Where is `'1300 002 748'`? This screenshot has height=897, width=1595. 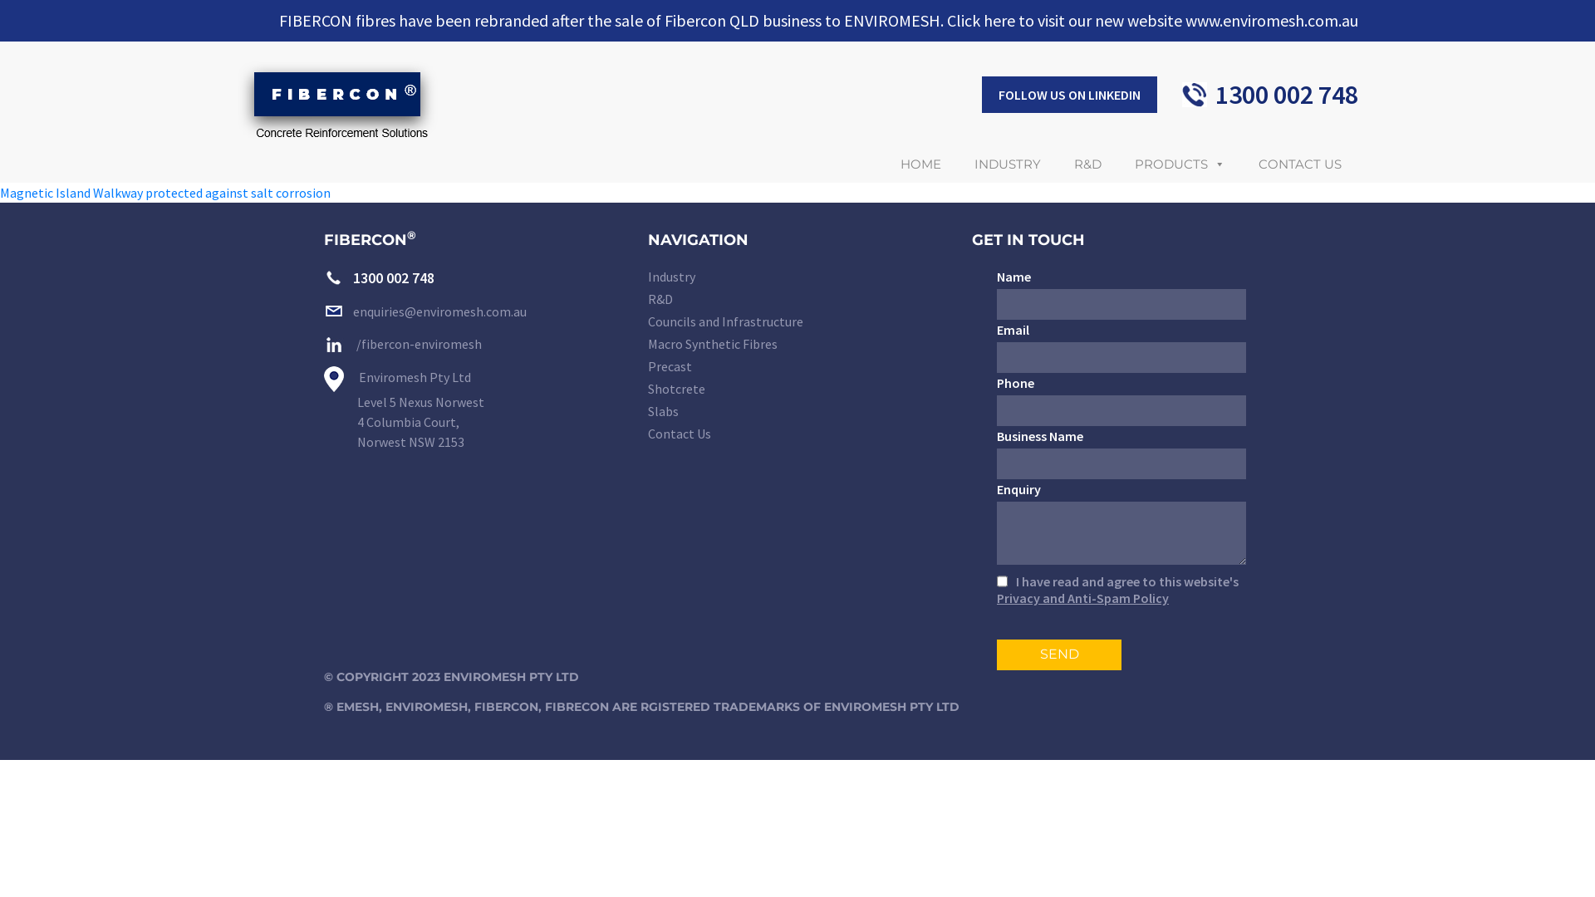
'1300 002 748' is located at coordinates (323, 277).